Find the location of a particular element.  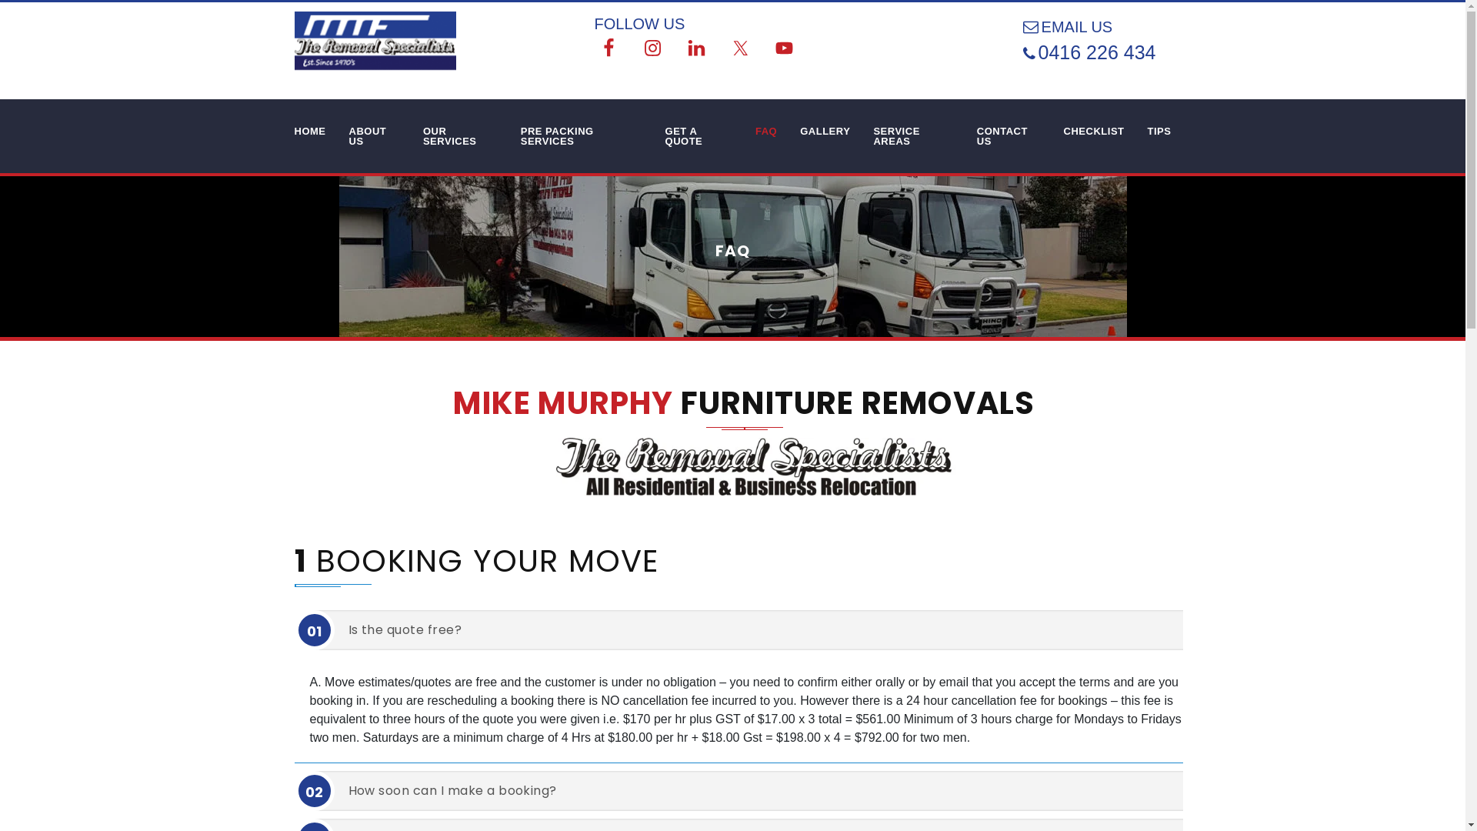

'PRE PACKING SERVICES' is located at coordinates (580, 135).